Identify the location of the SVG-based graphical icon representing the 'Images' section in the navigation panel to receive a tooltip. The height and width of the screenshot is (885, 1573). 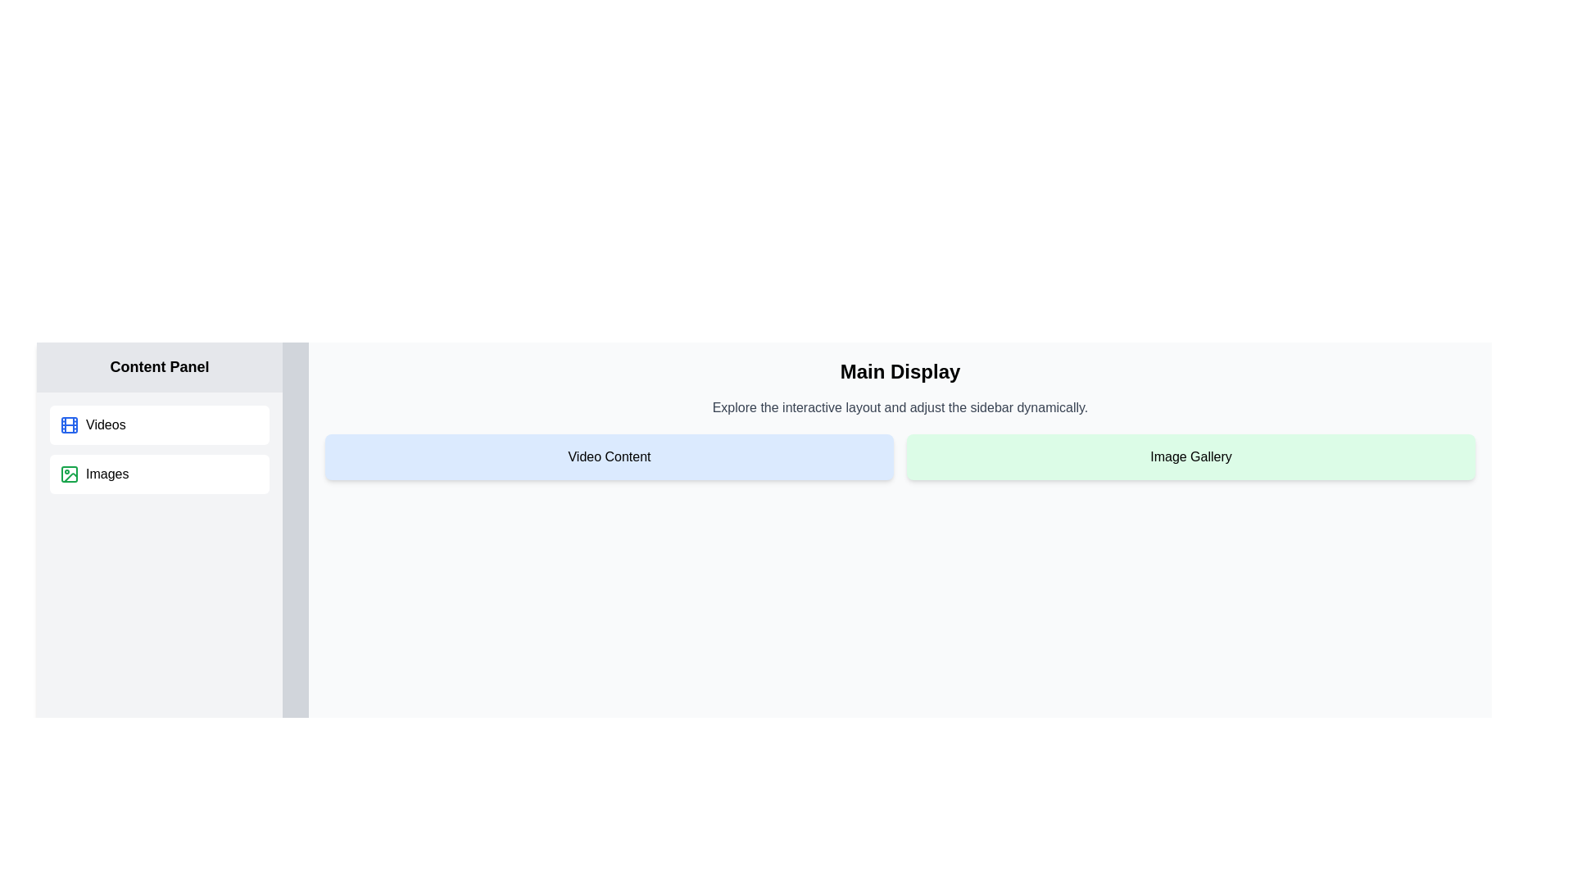
(69, 474).